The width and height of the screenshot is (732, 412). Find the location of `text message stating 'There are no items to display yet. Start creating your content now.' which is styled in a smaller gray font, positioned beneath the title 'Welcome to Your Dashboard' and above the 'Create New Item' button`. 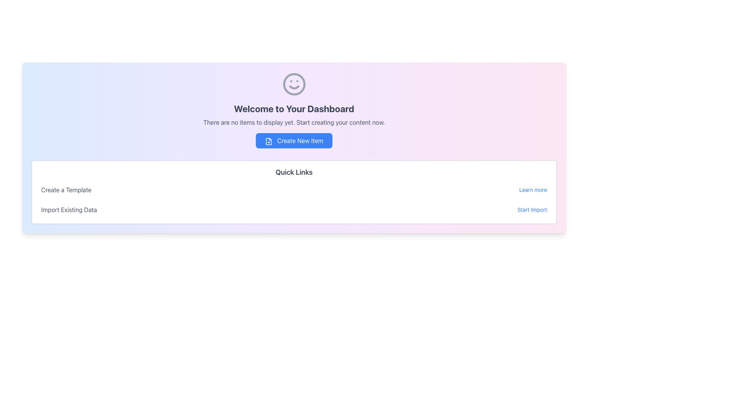

text message stating 'There are no items to display yet. Start creating your content now.' which is styled in a smaller gray font, positioned beneath the title 'Welcome to Your Dashboard' and above the 'Create New Item' button is located at coordinates (294, 122).